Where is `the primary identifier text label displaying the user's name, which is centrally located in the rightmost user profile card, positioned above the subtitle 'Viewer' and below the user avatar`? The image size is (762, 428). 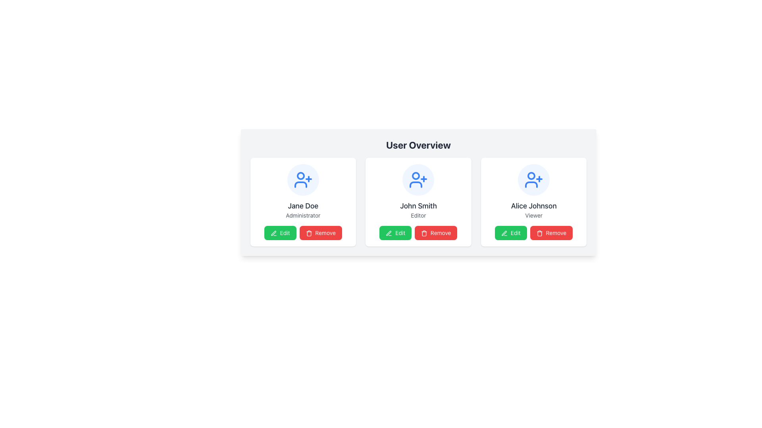
the primary identifier text label displaying the user's name, which is centrally located in the rightmost user profile card, positioned above the subtitle 'Viewer' and below the user avatar is located at coordinates (534, 206).